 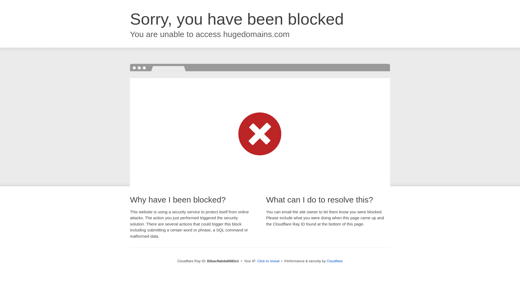 I want to click on 'Click to reveal', so click(x=268, y=261).